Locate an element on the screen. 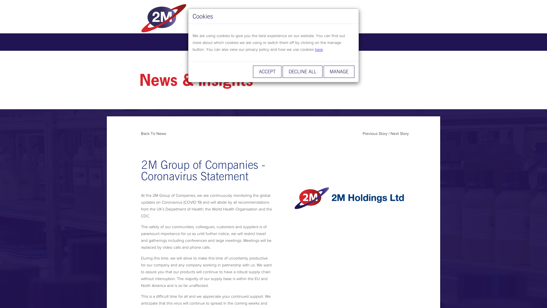 The image size is (547, 308). 'HOME' is located at coordinates (190, 42).